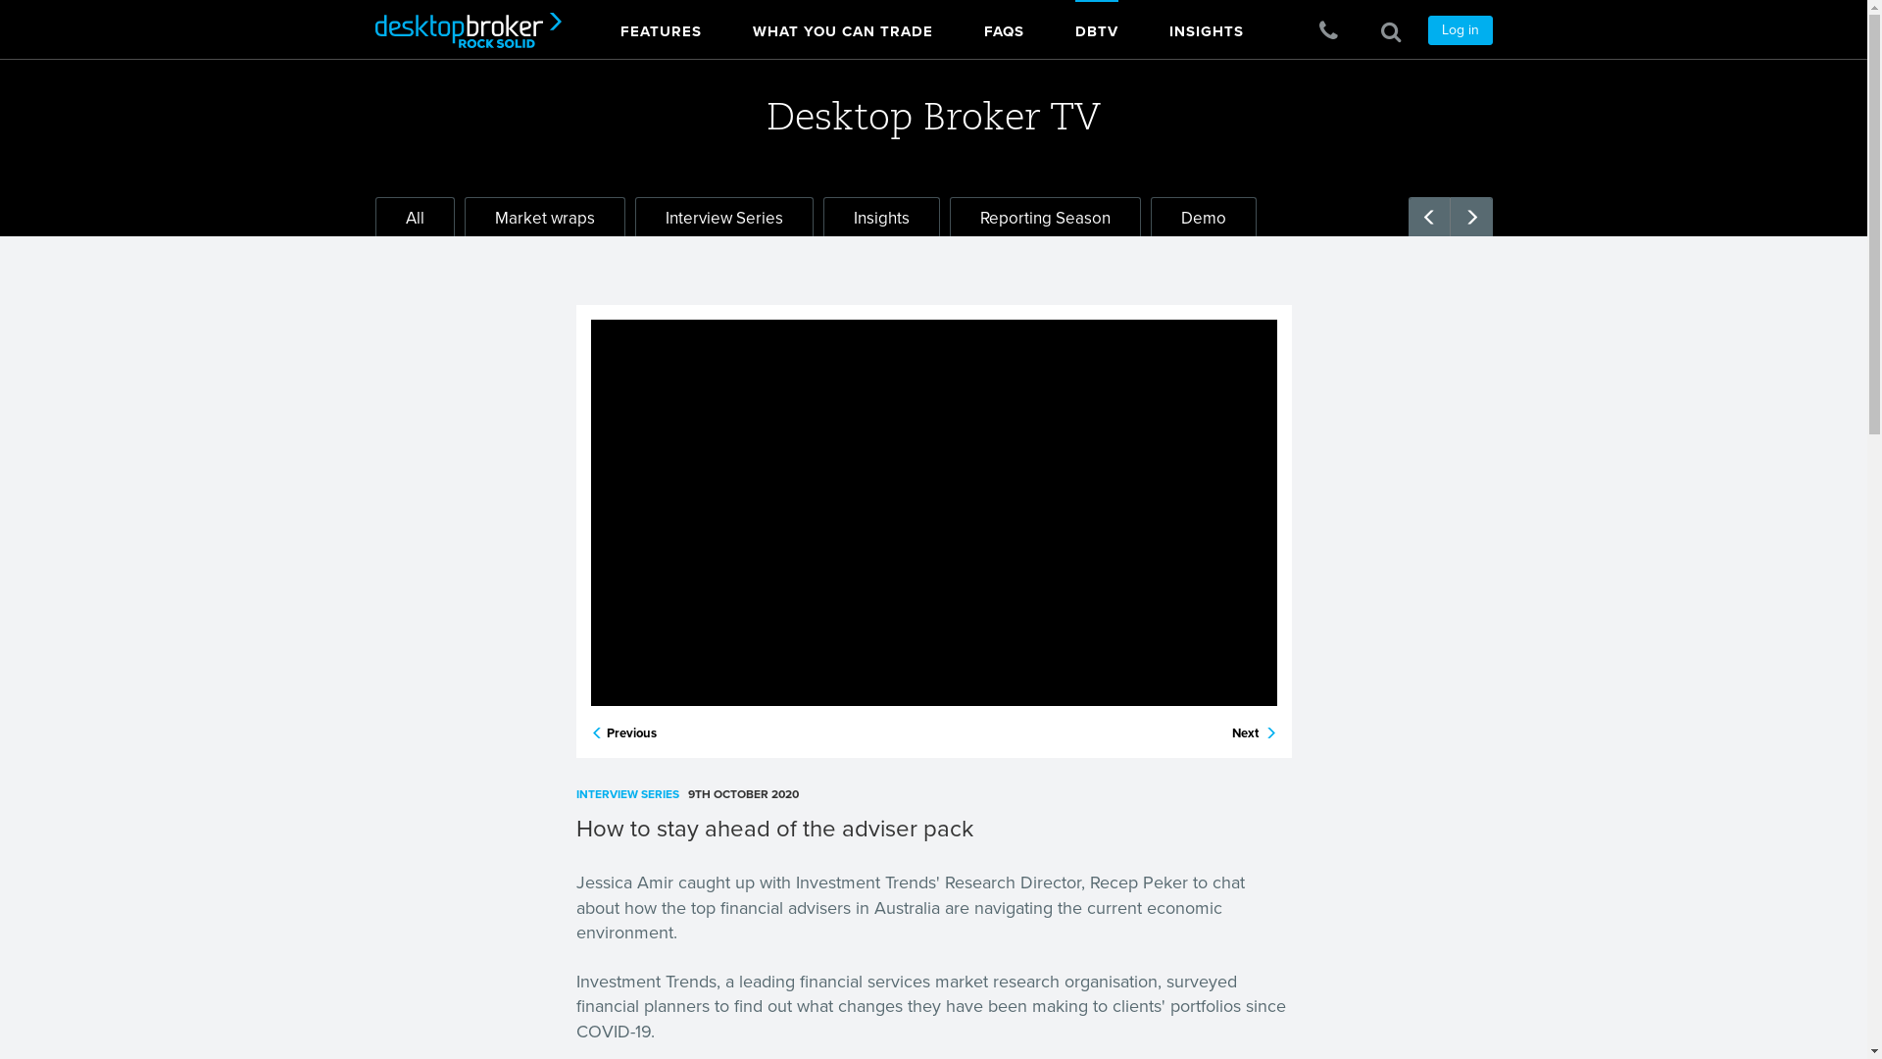 The width and height of the screenshot is (1882, 1059). What do you see at coordinates (1328, 31) in the screenshot?
I see `'Contact Support'` at bounding box center [1328, 31].